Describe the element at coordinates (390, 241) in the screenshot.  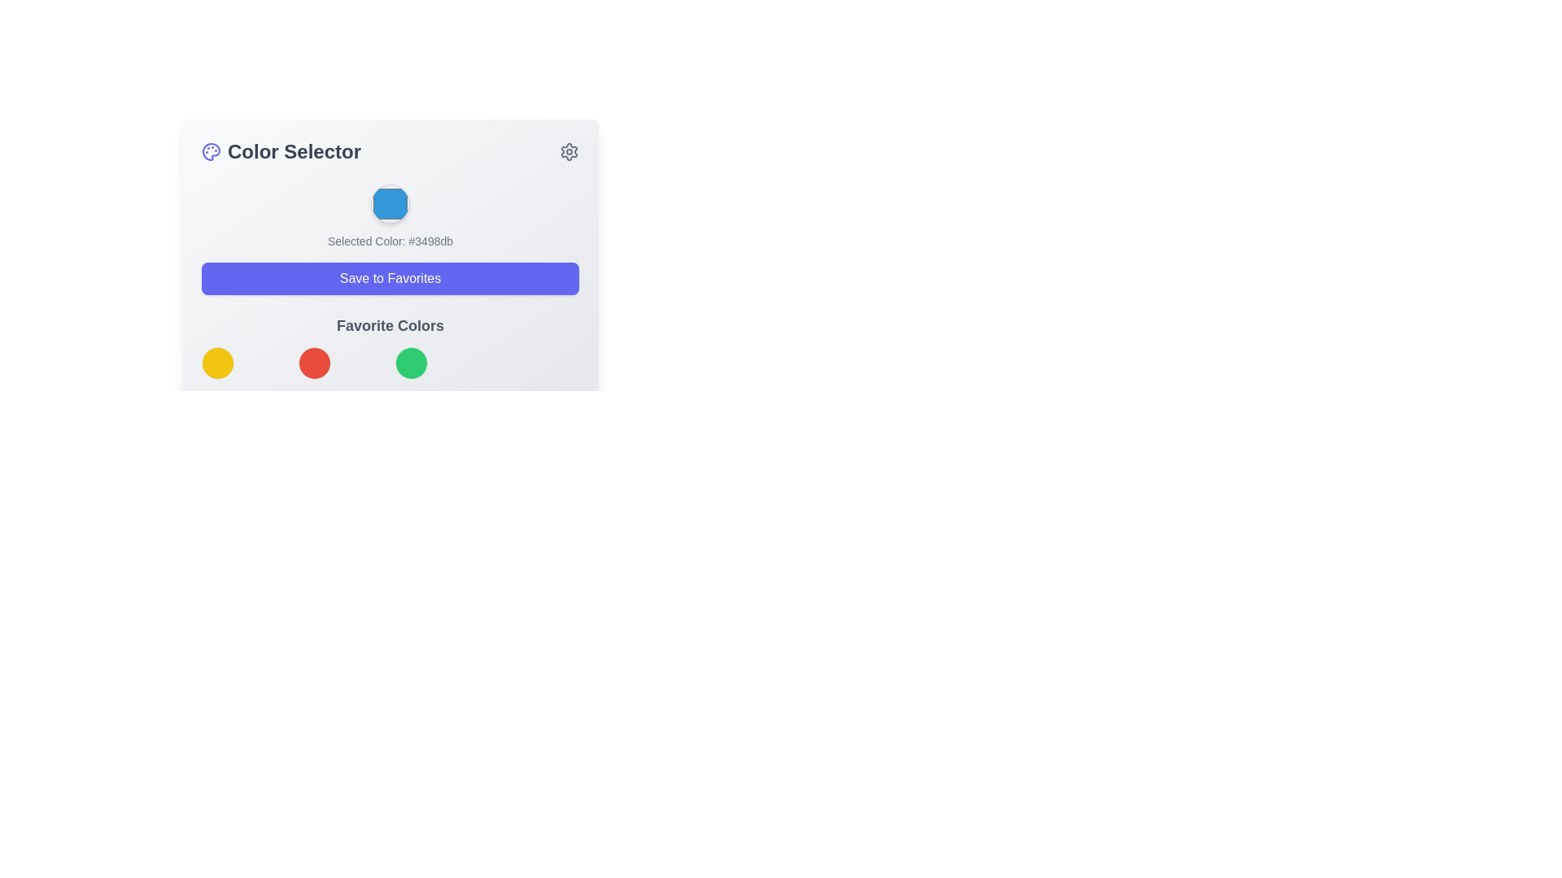
I see `the text label displaying 'Selected Color: #3498db', which is positioned below the blue hexagon and above the 'Save to Favorites' button` at that location.